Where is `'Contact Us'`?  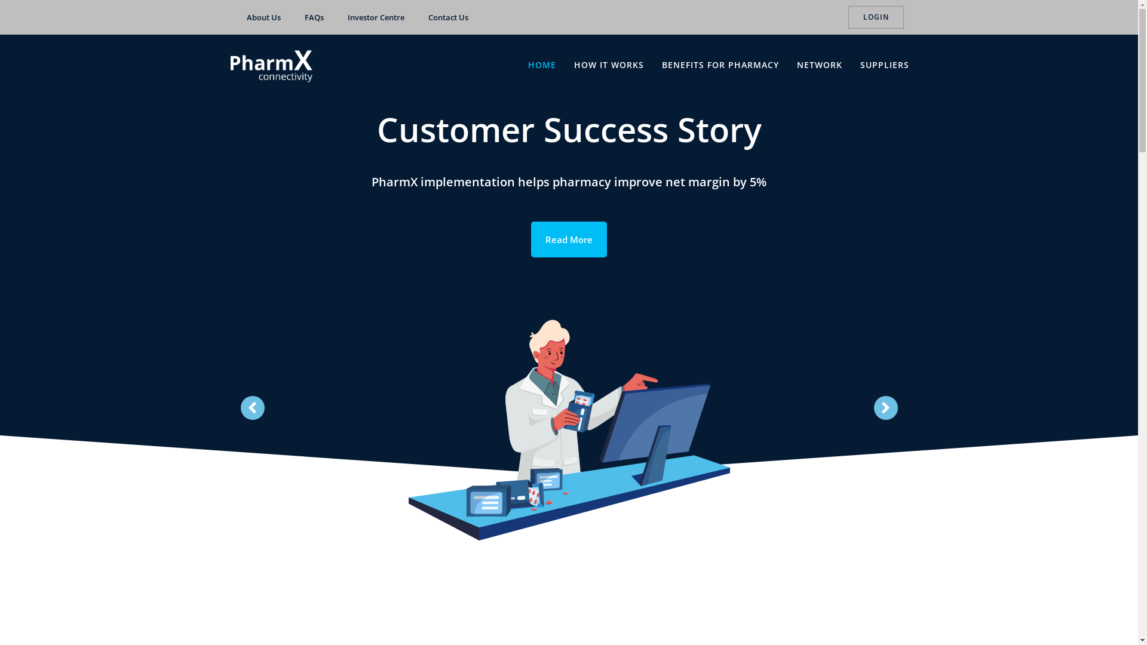
'Contact Us' is located at coordinates (447, 17).